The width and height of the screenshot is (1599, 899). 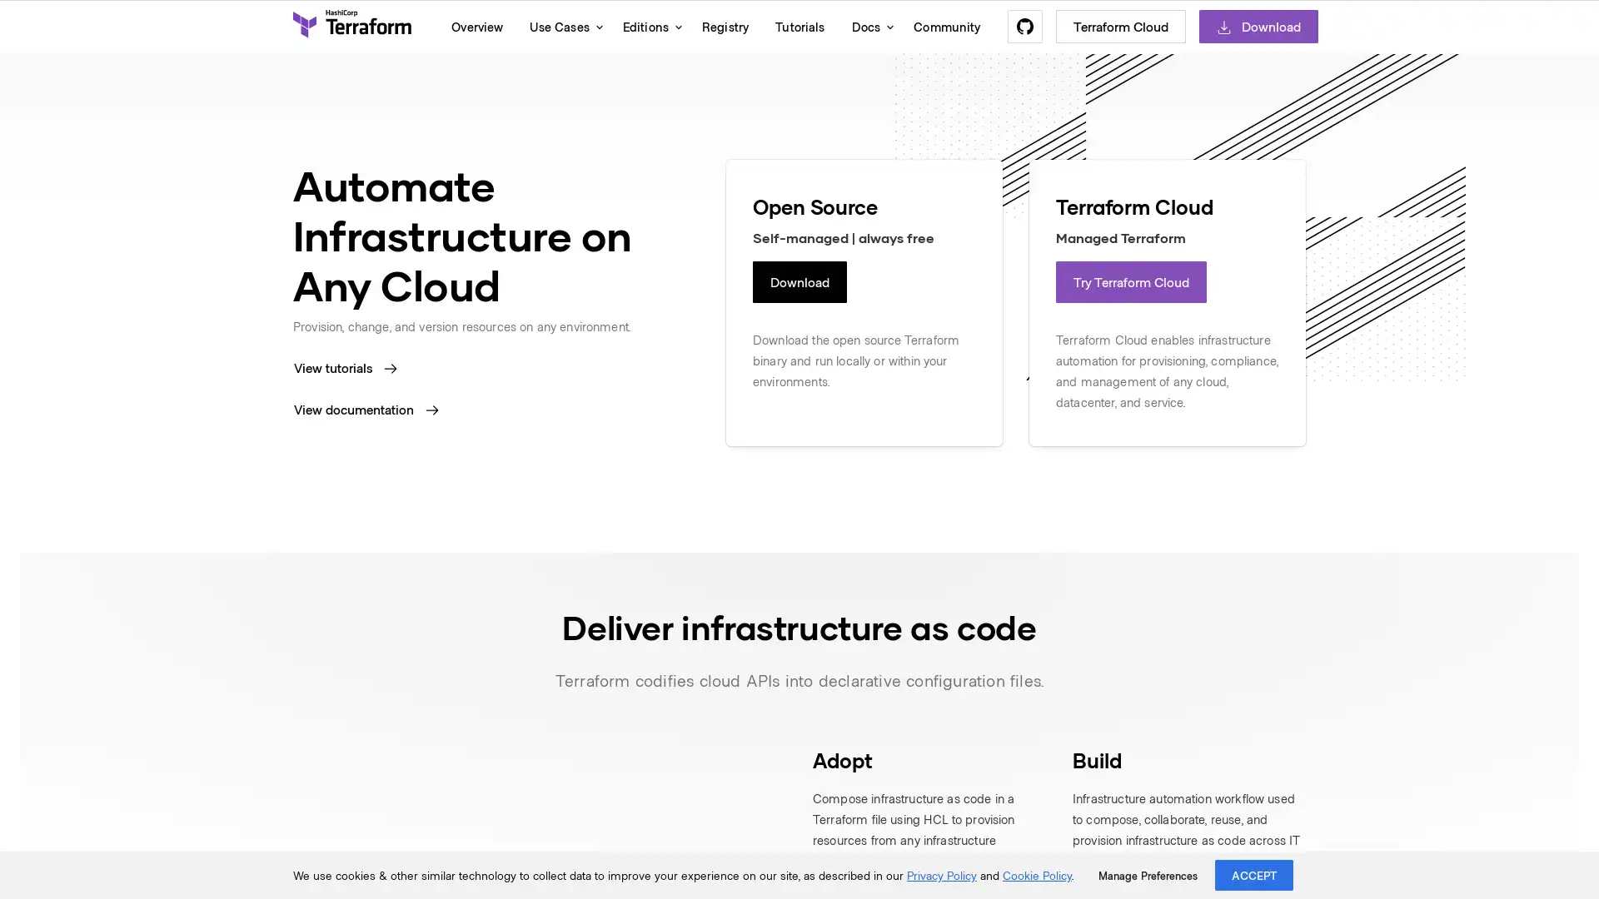 What do you see at coordinates (562, 26) in the screenshot?
I see `Use Cases` at bounding box center [562, 26].